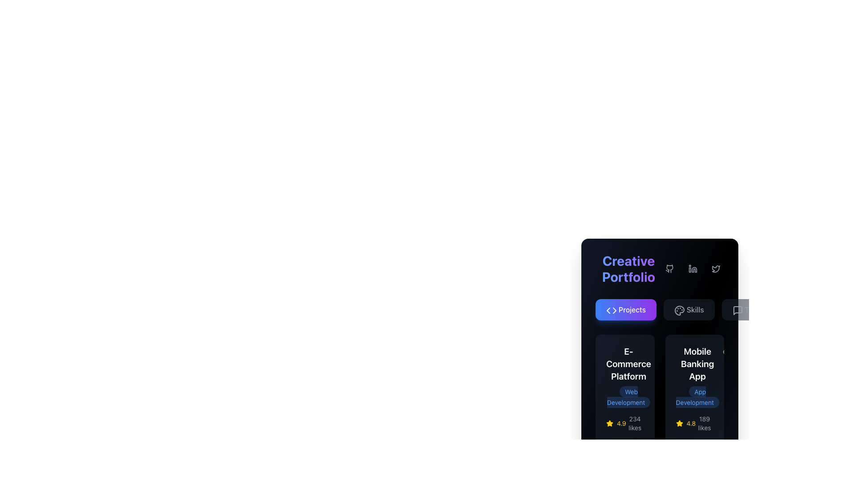  Describe the element at coordinates (689, 309) in the screenshot. I see `the second button in the horizontal group, located below the 'Creative Portfolio' title, to activate the hover effect` at that location.